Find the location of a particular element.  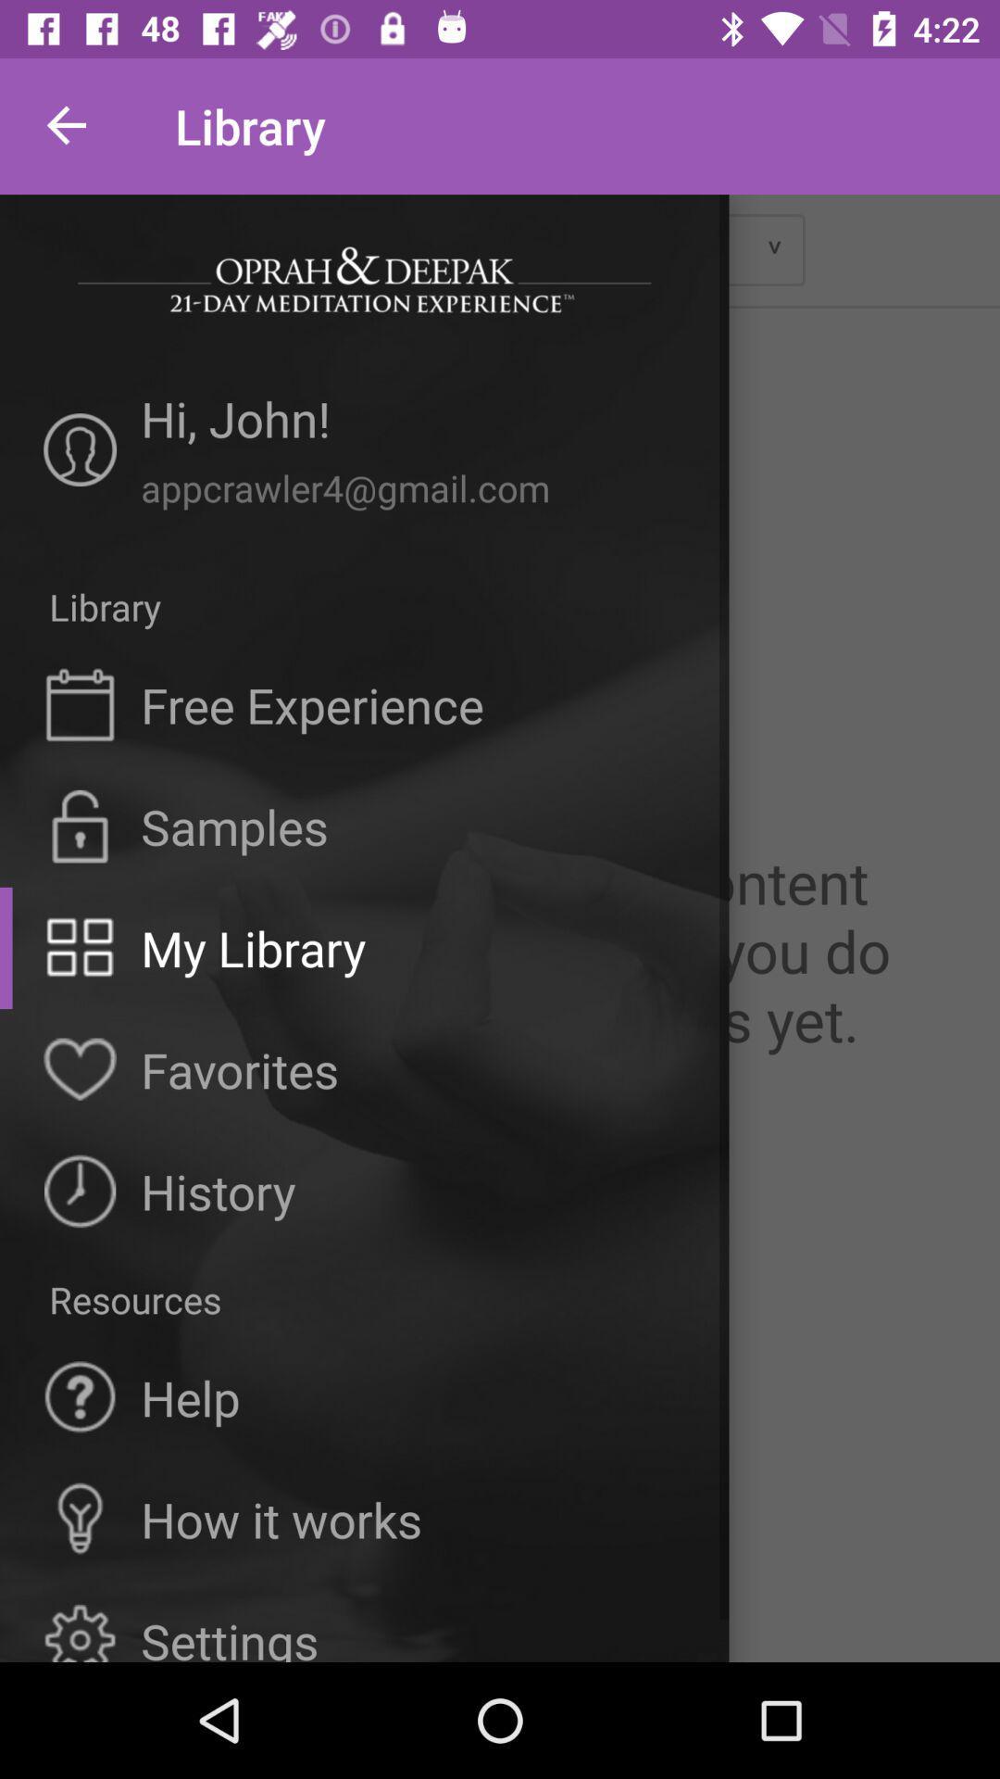

the item above samples icon is located at coordinates (311, 703).